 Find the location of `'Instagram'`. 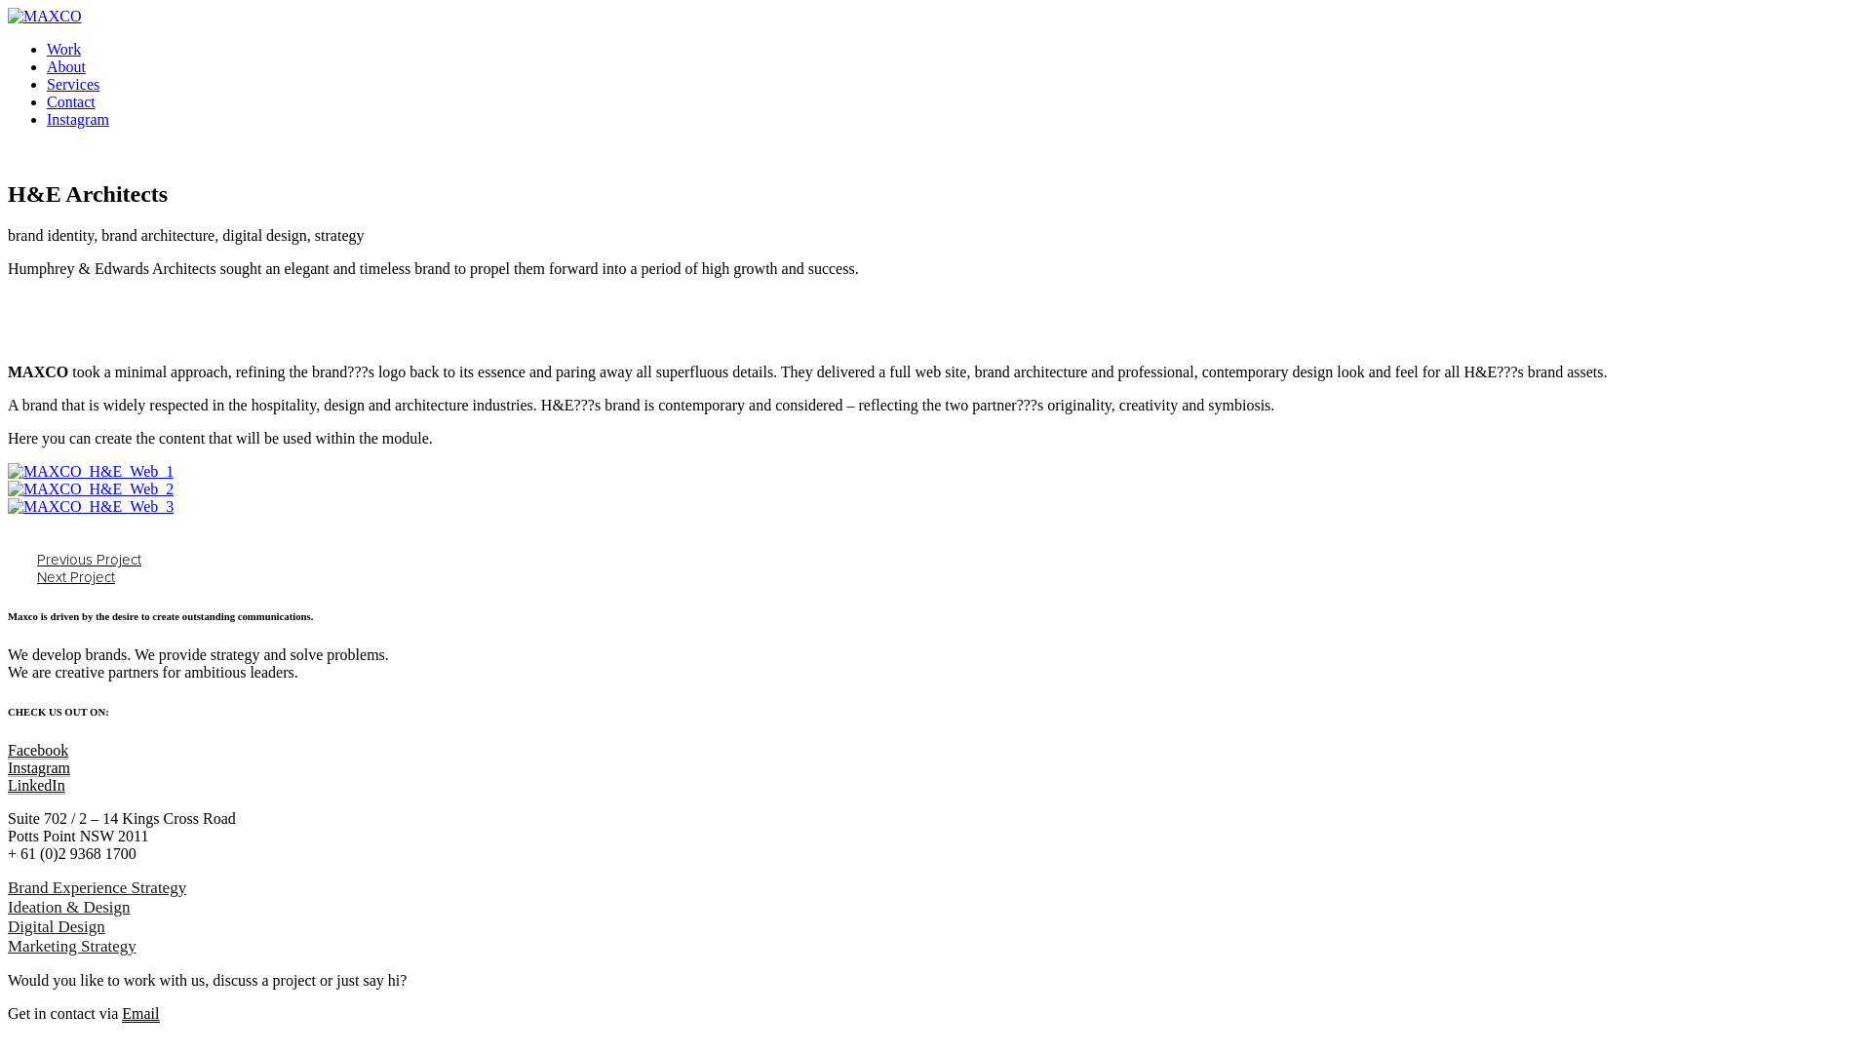

'Instagram' is located at coordinates (8, 766).